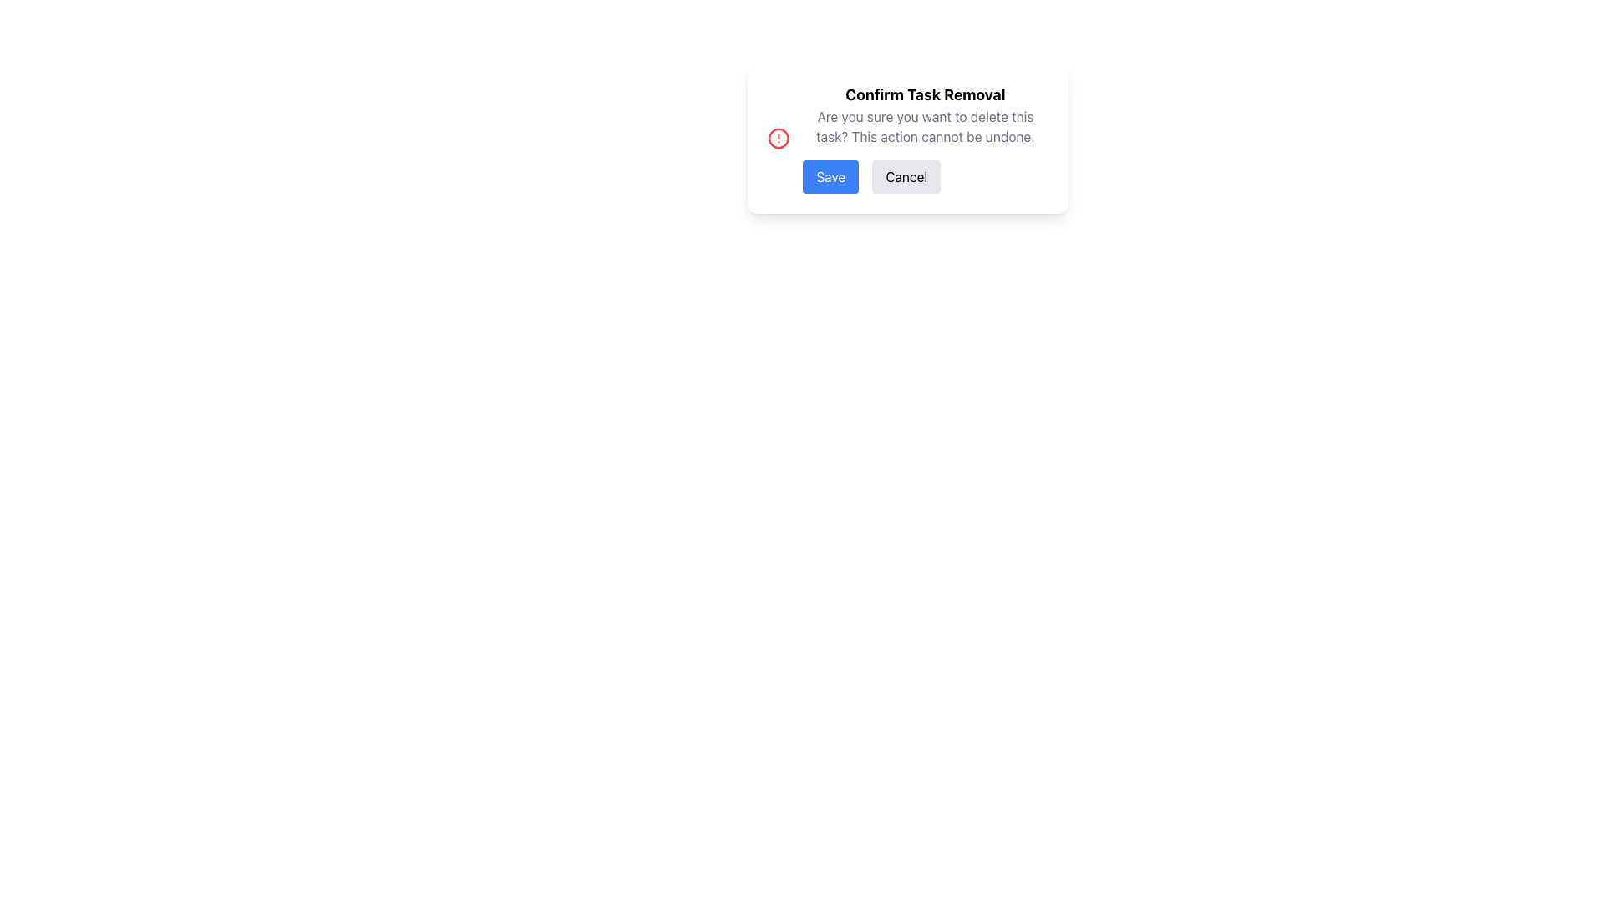  Describe the element at coordinates (924, 95) in the screenshot. I see `the title text element of the confirmation dialog box that indicates the purpose of confirming the removal of a task` at that location.